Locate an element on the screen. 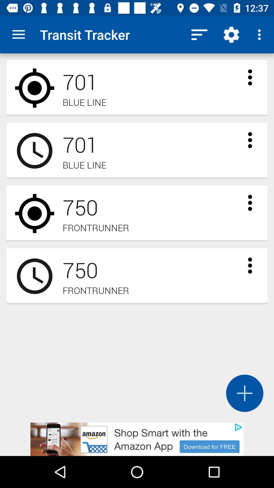 Image resolution: width=274 pixels, height=488 pixels. open context menu is located at coordinates (250, 265).